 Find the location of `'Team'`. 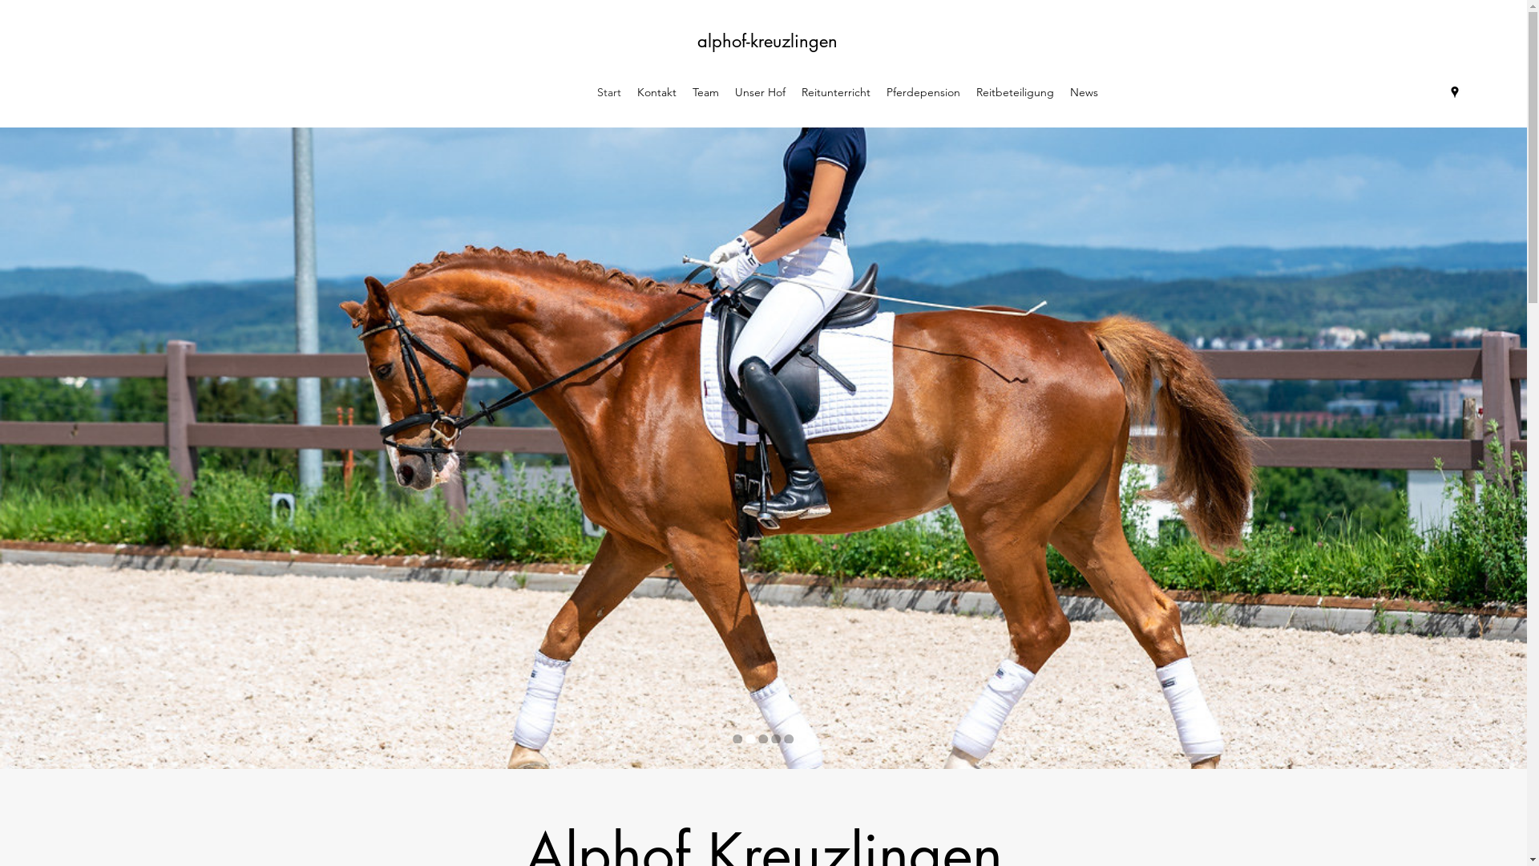

'Team' is located at coordinates (705, 92).